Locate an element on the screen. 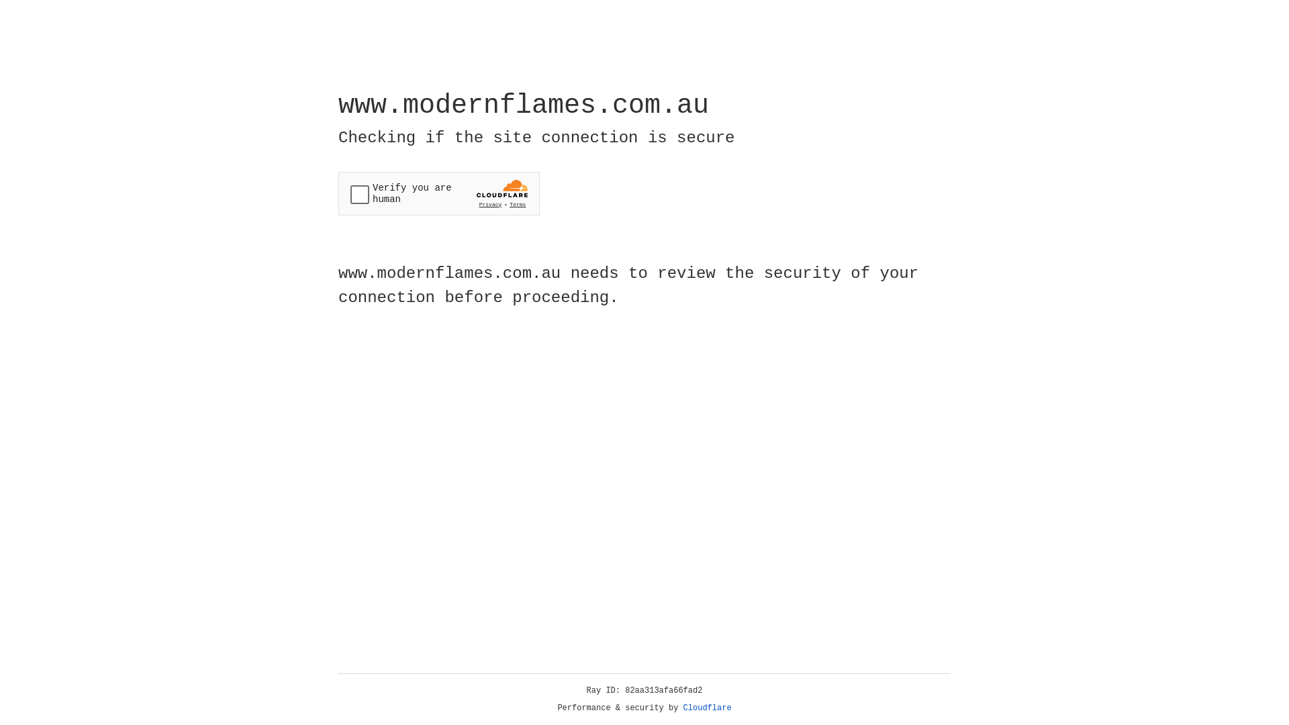 Image resolution: width=1289 pixels, height=725 pixels. 'Widget containing a Cloudflare security challenge' is located at coordinates (438, 193).